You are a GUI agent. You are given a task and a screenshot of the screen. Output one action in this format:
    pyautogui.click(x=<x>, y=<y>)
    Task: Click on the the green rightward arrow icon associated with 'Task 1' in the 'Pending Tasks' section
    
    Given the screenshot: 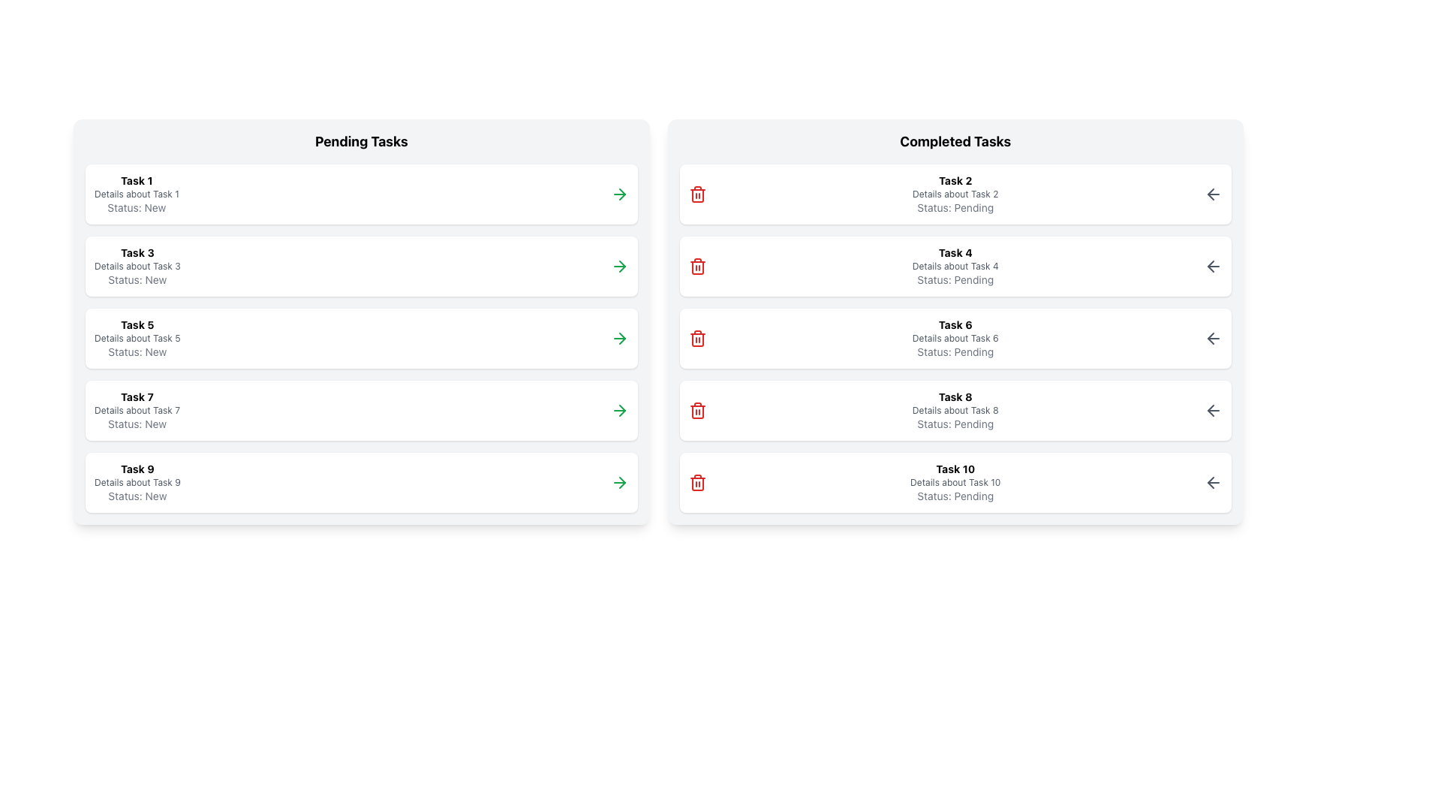 What is the action you would take?
    pyautogui.click(x=622, y=193)
    